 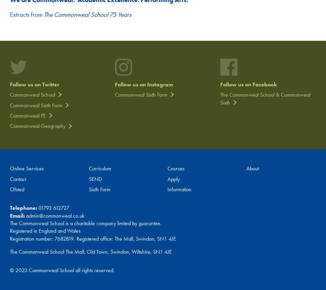 What do you see at coordinates (176, 168) in the screenshot?
I see `'Courses'` at bounding box center [176, 168].